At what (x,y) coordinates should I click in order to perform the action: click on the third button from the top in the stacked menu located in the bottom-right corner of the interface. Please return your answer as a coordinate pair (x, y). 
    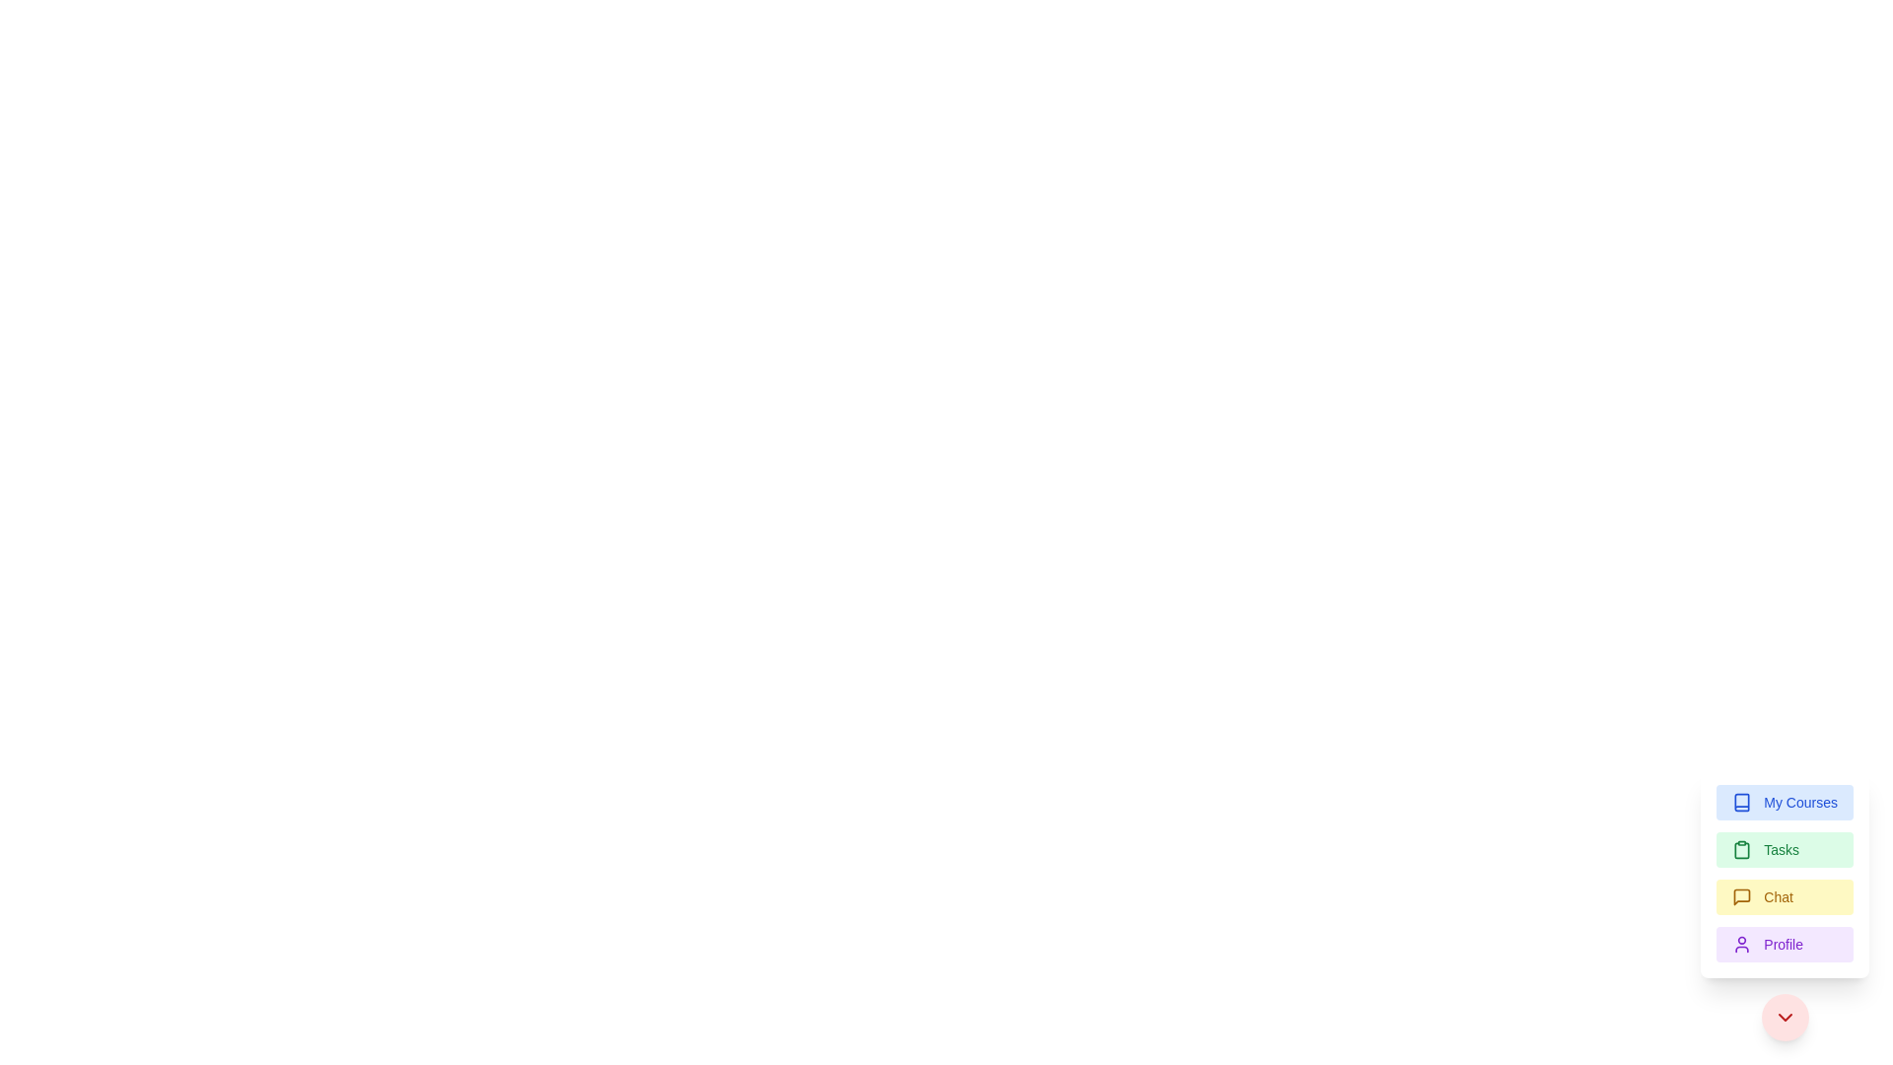
    Looking at the image, I should click on (1785, 905).